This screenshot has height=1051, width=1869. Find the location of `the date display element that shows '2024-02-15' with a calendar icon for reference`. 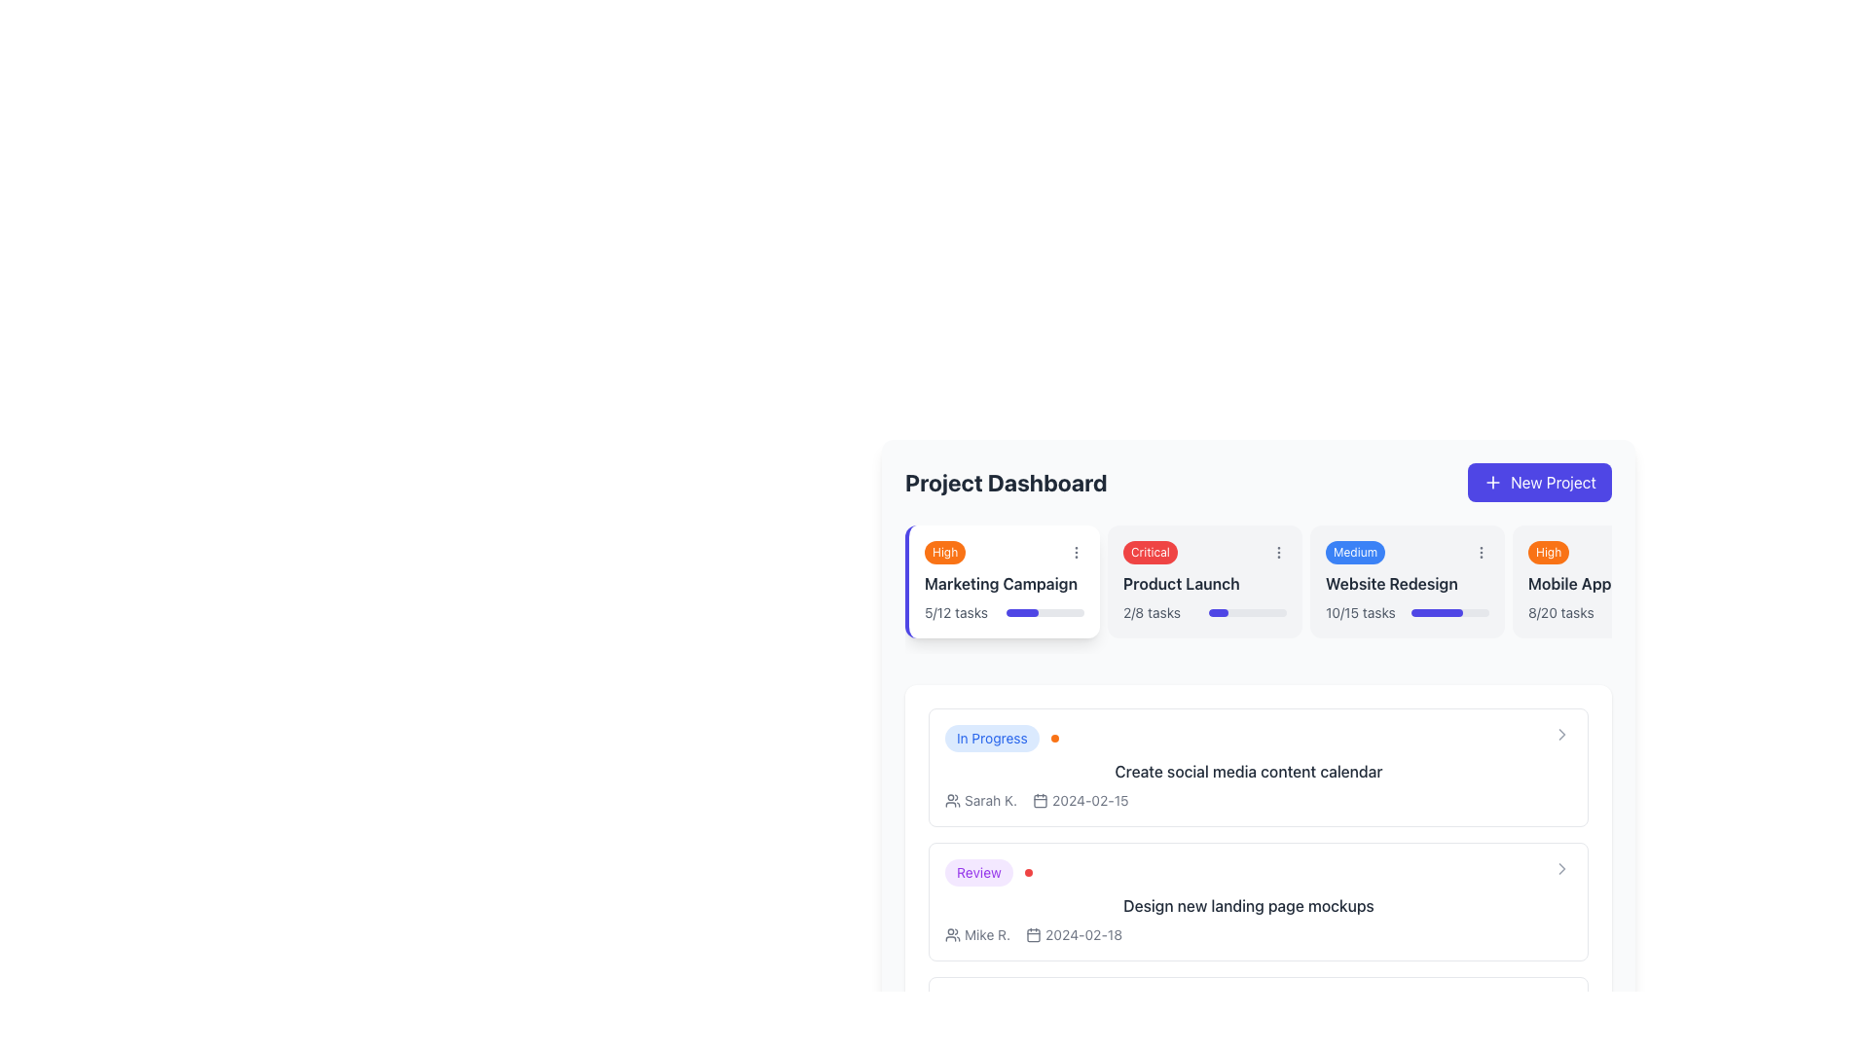

the date display element that shows '2024-02-15' with a calendar icon for reference is located at coordinates (1080, 800).